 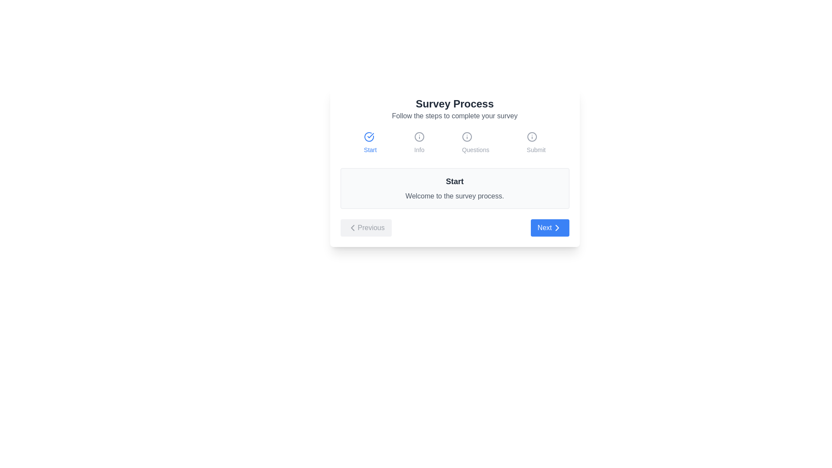 What do you see at coordinates (352, 227) in the screenshot?
I see `the small, stylized left-pointing chevron arrow icon used for backward navigation in the 'Previous' button located in the bottom left corner of the survey interface` at bounding box center [352, 227].